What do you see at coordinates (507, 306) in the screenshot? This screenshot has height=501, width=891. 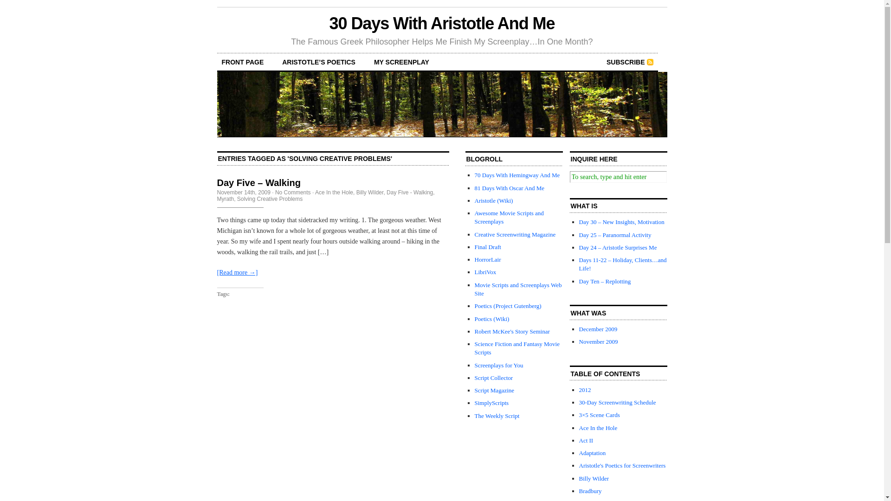 I see `'Poetics (Project Gutenberg)'` at bounding box center [507, 306].